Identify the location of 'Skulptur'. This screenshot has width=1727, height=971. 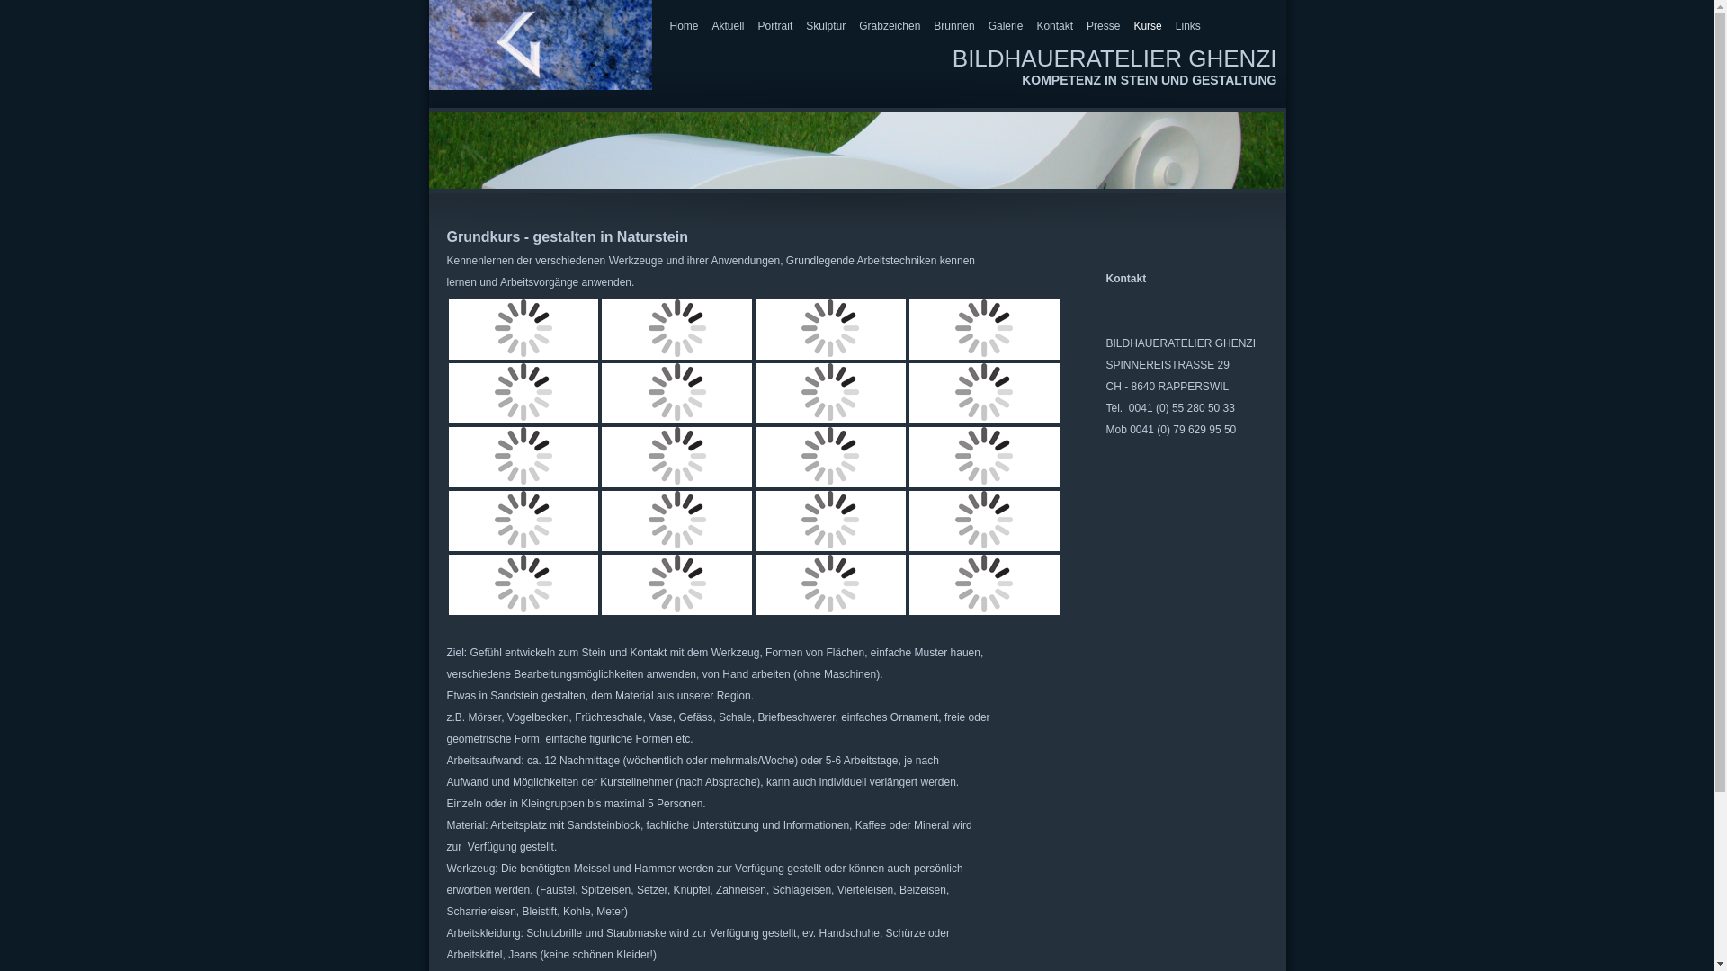
(824, 26).